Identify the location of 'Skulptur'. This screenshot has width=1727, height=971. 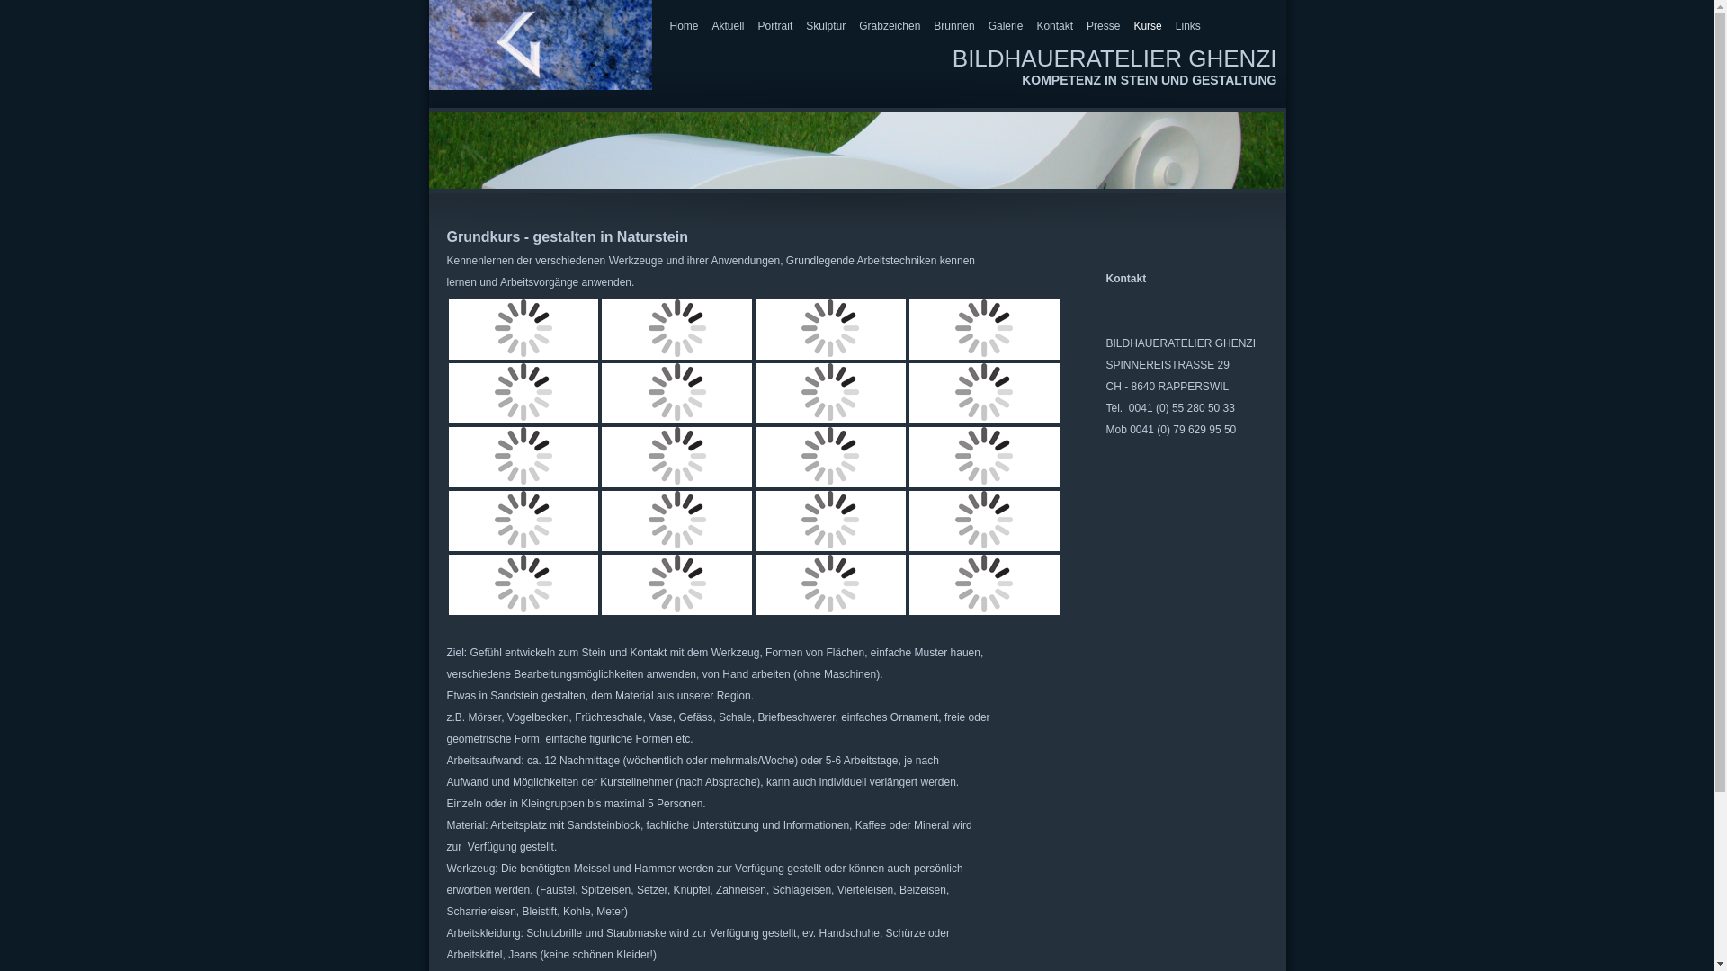
(824, 26).